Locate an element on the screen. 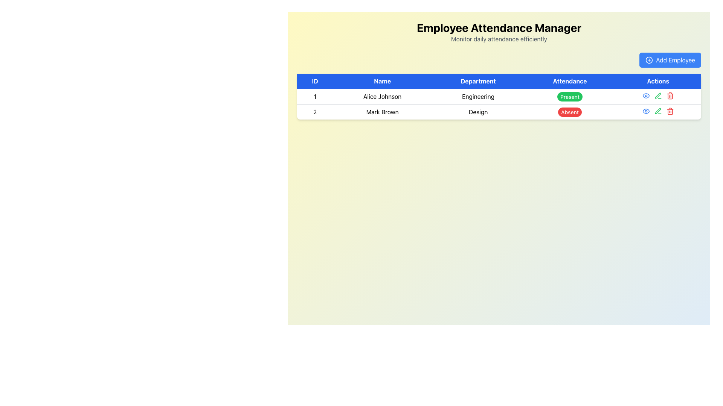  the edit icon button located in the 'Actions' column of the second row for the employee 'Mark Brown' to initiate an edit action is located at coordinates (657, 95).